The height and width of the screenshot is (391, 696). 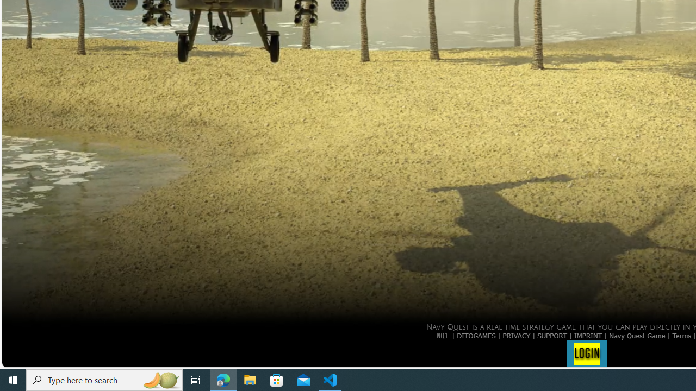 I want to click on 'Navy Quest Game', so click(x=637, y=335).